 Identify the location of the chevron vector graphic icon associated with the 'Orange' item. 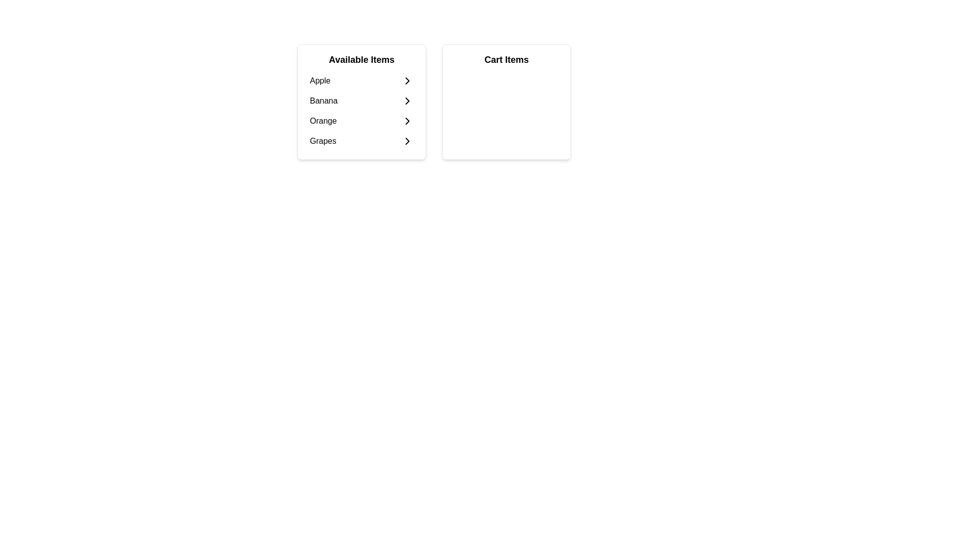
(408, 120).